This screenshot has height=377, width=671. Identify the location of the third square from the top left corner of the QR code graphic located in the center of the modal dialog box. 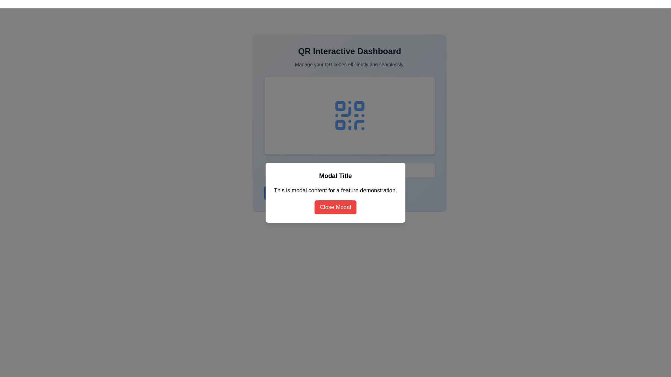
(340, 125).